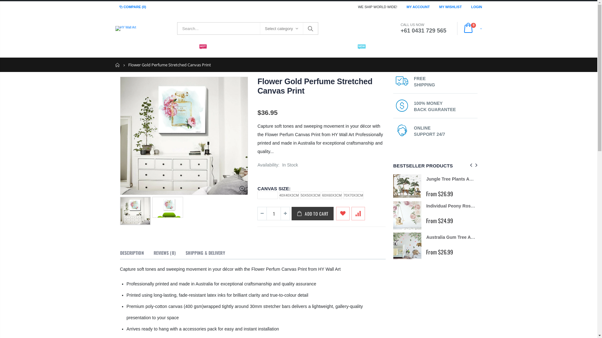  What do you see at coordinates (439, 6) in the screenshot?
I see `'MY WISHLIST'` at bounding box center [439, 6].